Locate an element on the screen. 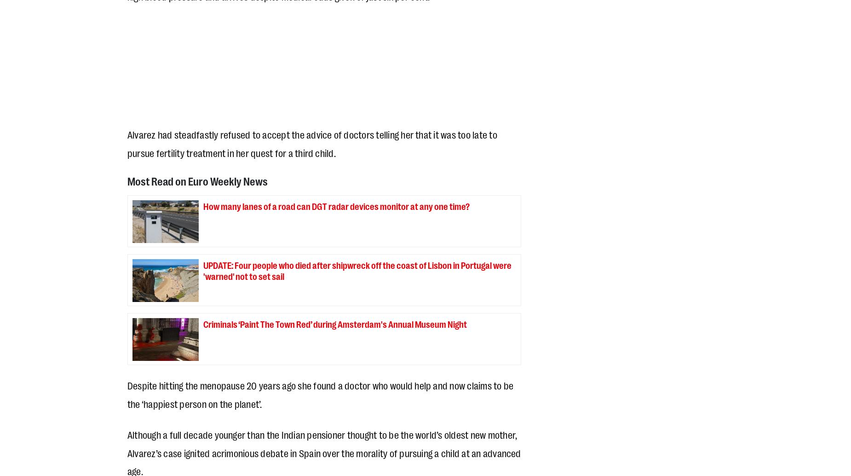  'Privacy Policy' is located at coordinates (126, 363).